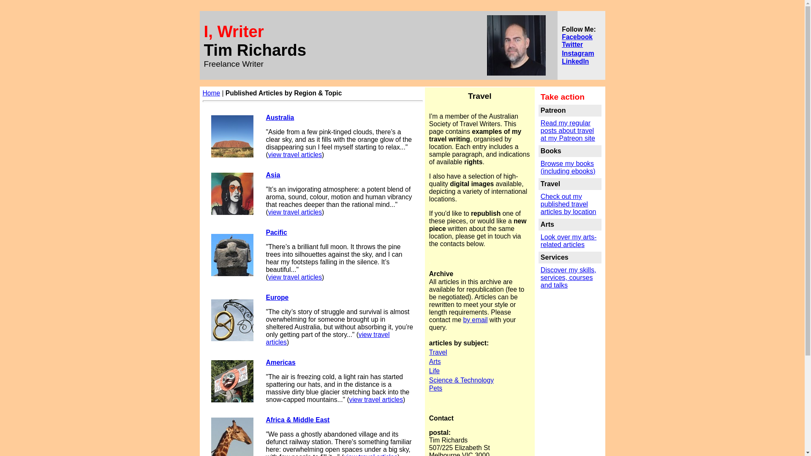 The width and height of the screenshot is (811, 456). Describe the element at coordinates (568, 277) in the screenshot. I see `'Discover my skills, services, courses and talks'` at that location.